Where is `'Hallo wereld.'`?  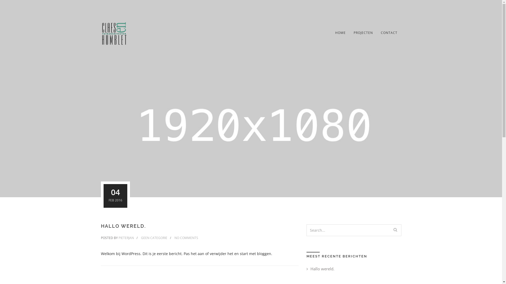
'Hallo wereld.' is located at coordinates (306, 269).